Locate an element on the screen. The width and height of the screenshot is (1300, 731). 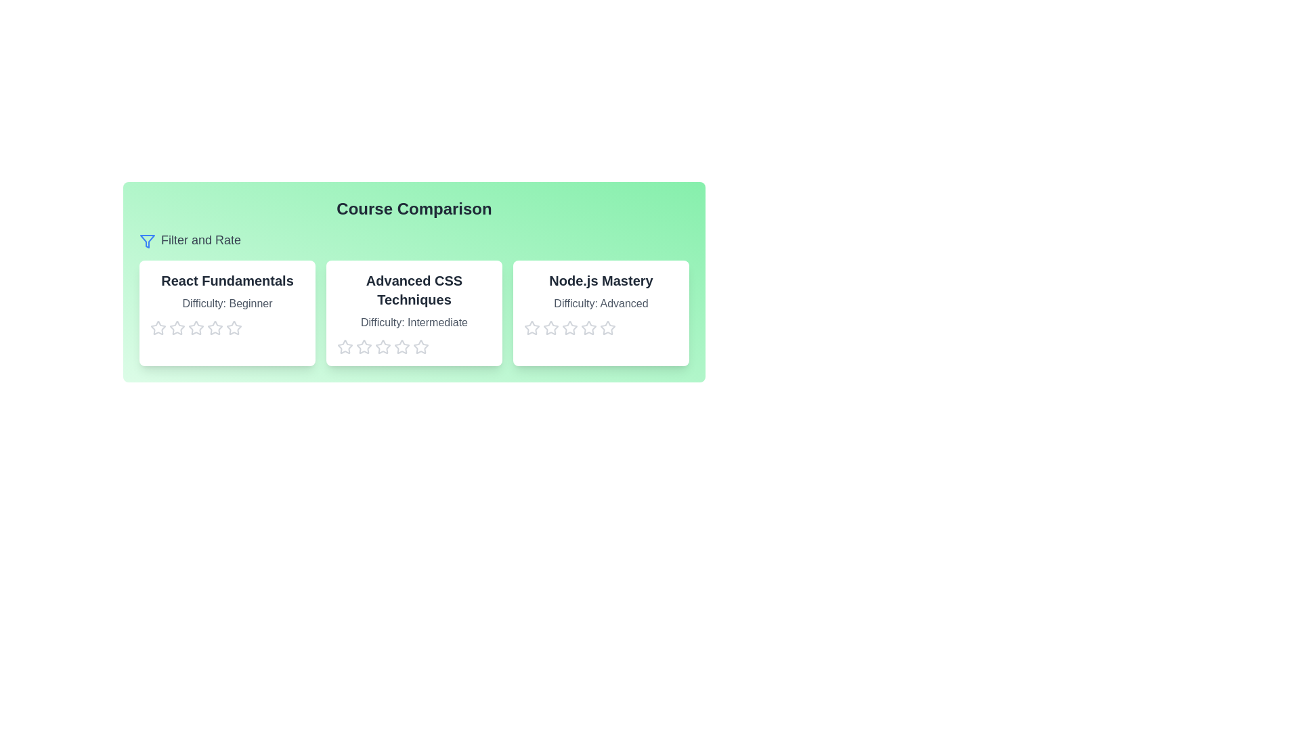
the course card titled 'Node.js Mastery' to observe its hover effect is located at coordinates (601, 313).